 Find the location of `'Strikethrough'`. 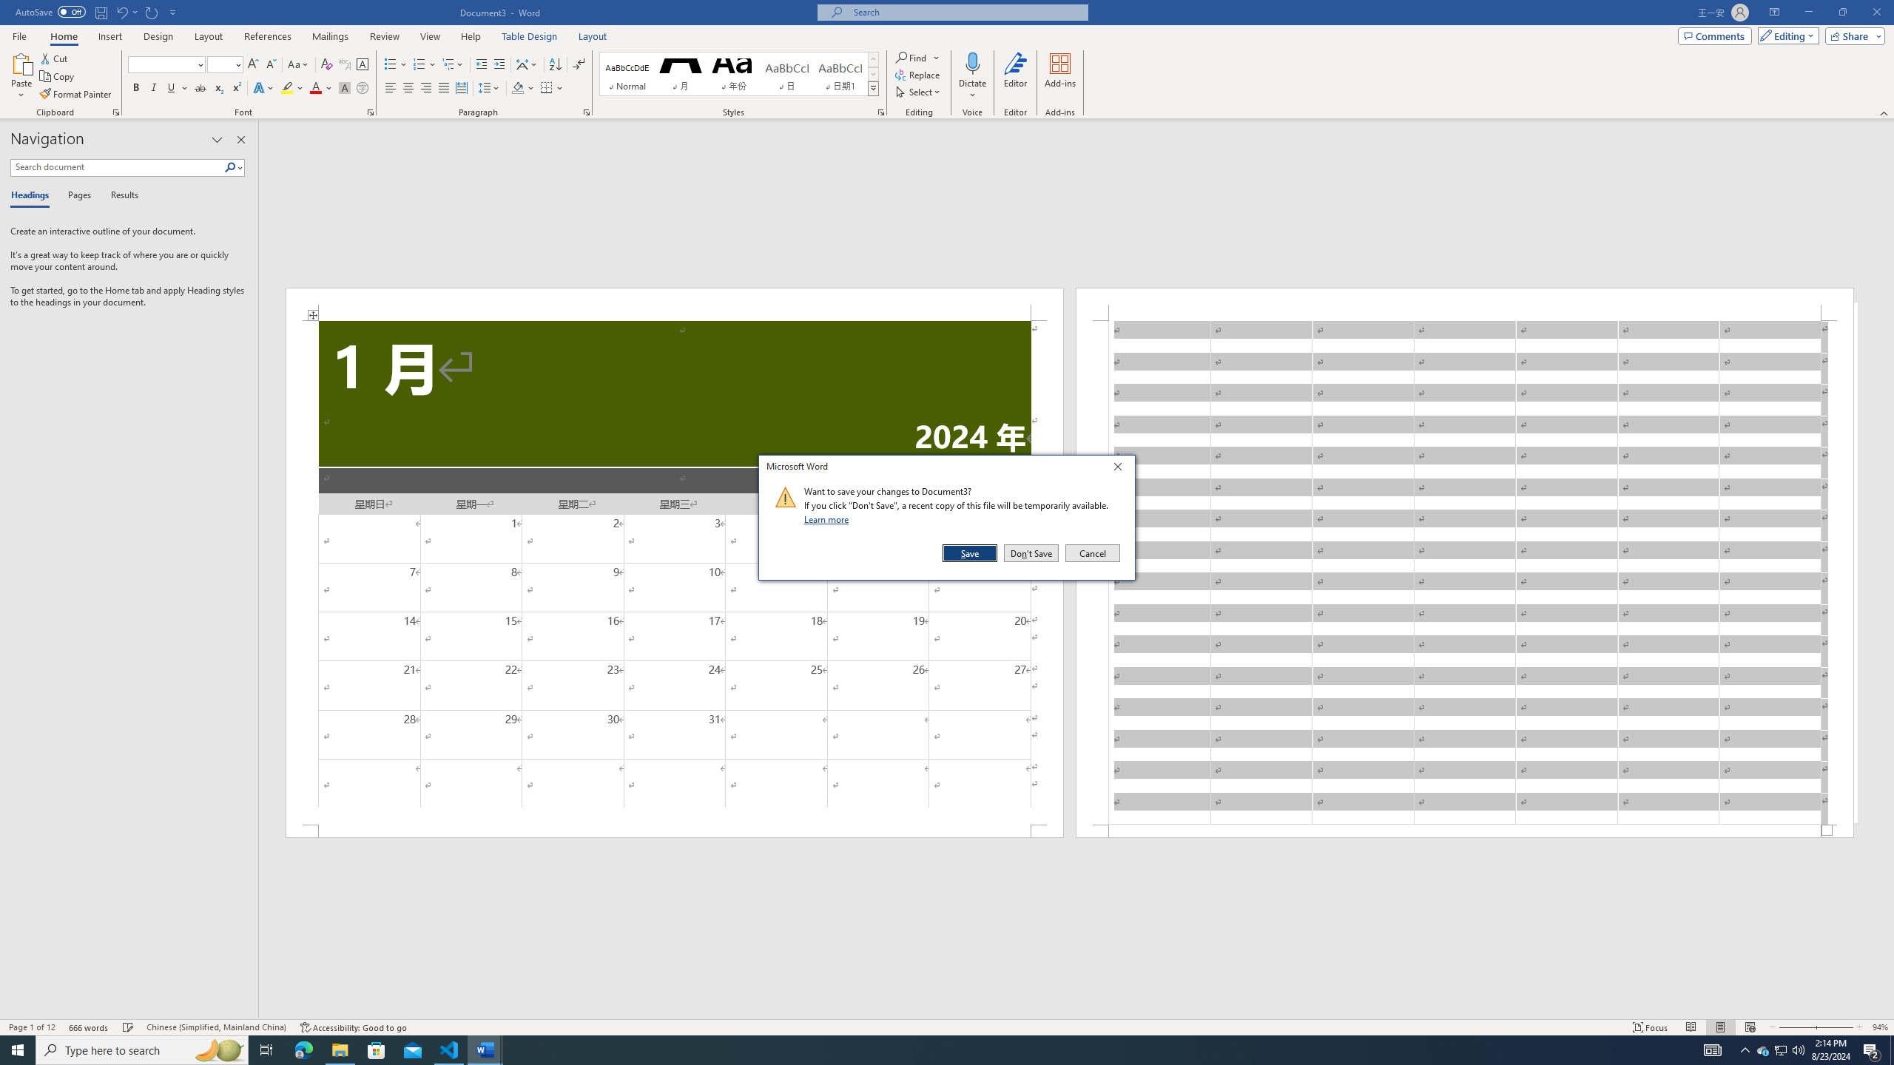

'Strikethrough' is located at coordinates (200, 87).